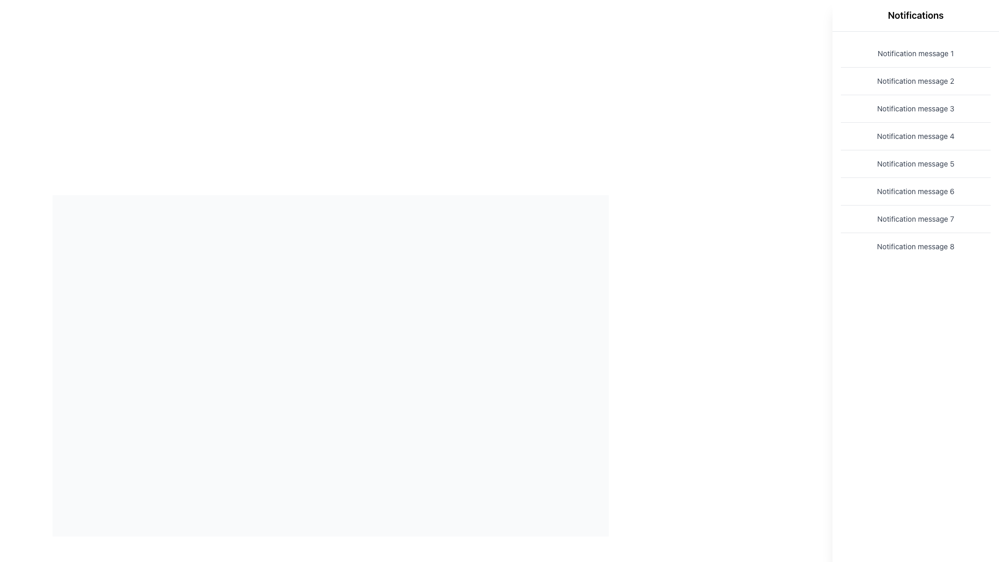 This screenshot has height=562, width=999. I want to click on the static text displaying 'Notification message 3', which is the third item in a vertical list of notifications on the right side of the interface, so click(916, 108).